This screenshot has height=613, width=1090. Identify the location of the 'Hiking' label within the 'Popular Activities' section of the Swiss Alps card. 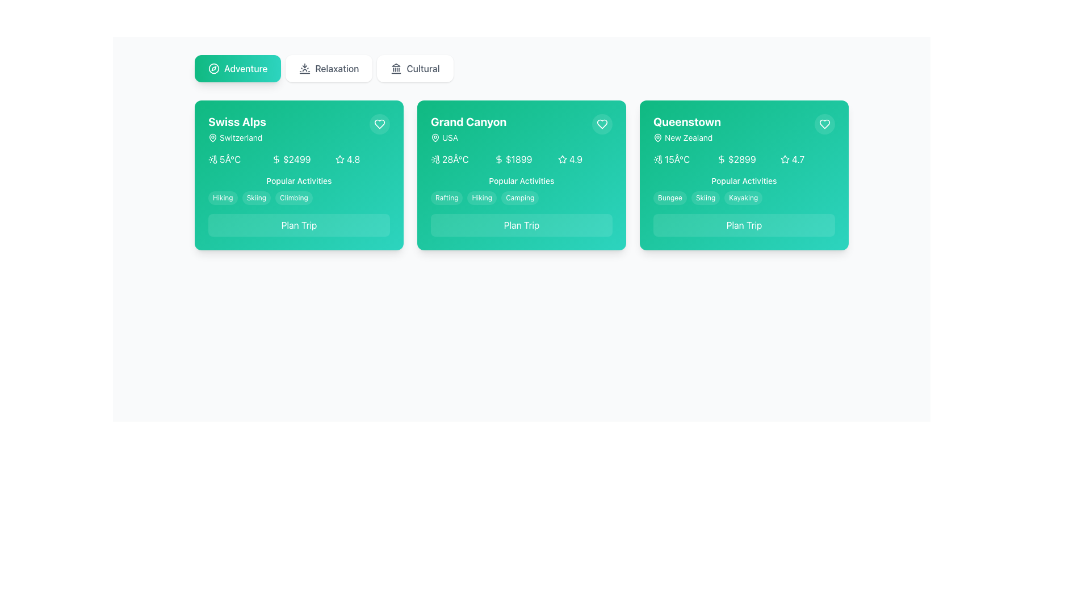
(223, 197).